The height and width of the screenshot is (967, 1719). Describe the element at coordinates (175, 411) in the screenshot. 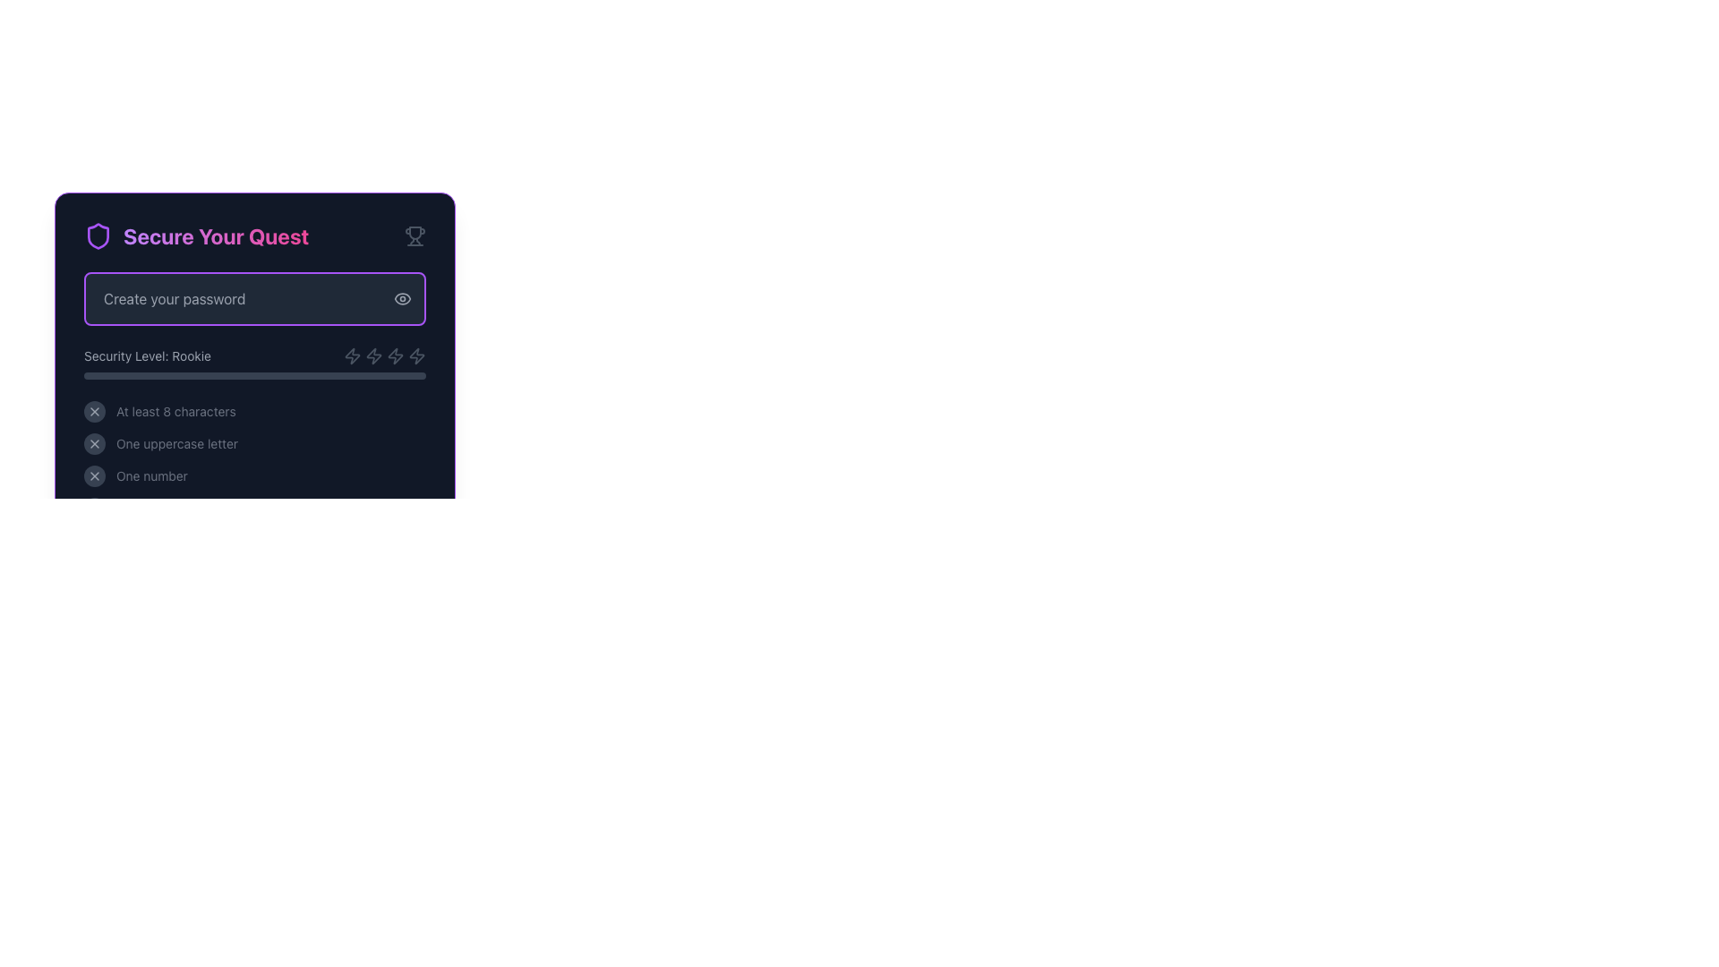

I see `the informational text label that reads 'At least 8 characters', which is styled with a small gray font and located below the password input field in the 'Secure Your Quest' section` at that location.